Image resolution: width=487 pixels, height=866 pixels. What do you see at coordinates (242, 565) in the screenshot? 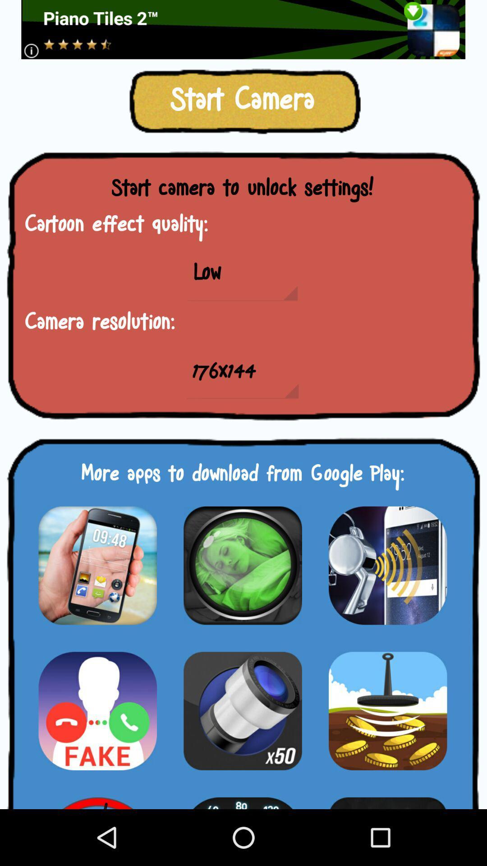
I see `download a new app` at bounding box center [242, 565].